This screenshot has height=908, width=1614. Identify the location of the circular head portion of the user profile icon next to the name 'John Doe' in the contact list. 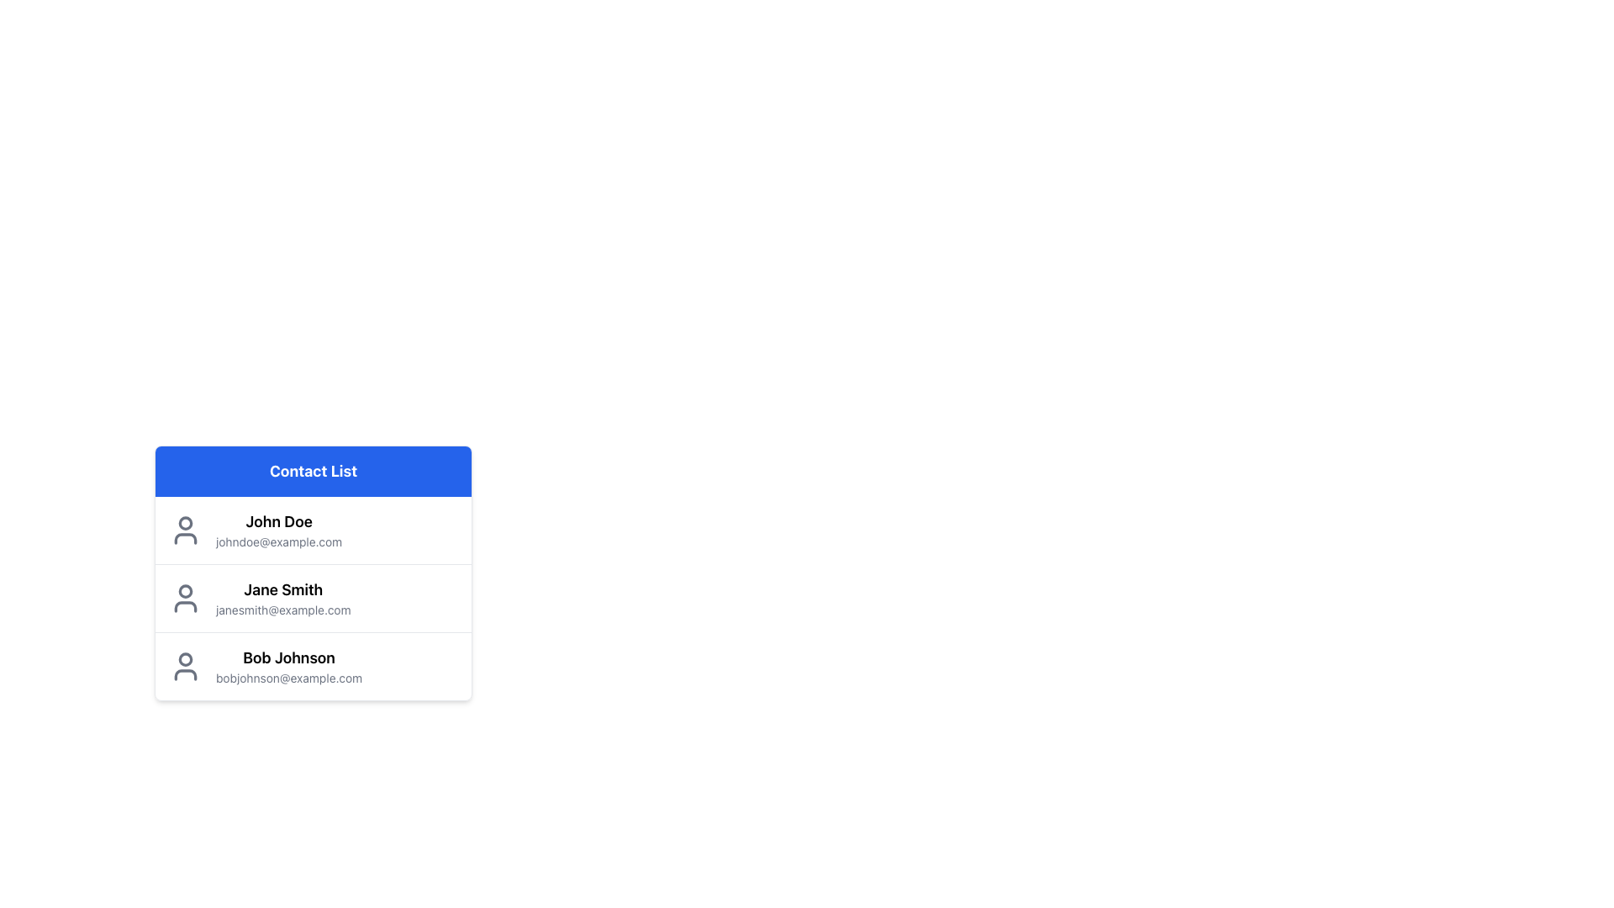
(185, 521).